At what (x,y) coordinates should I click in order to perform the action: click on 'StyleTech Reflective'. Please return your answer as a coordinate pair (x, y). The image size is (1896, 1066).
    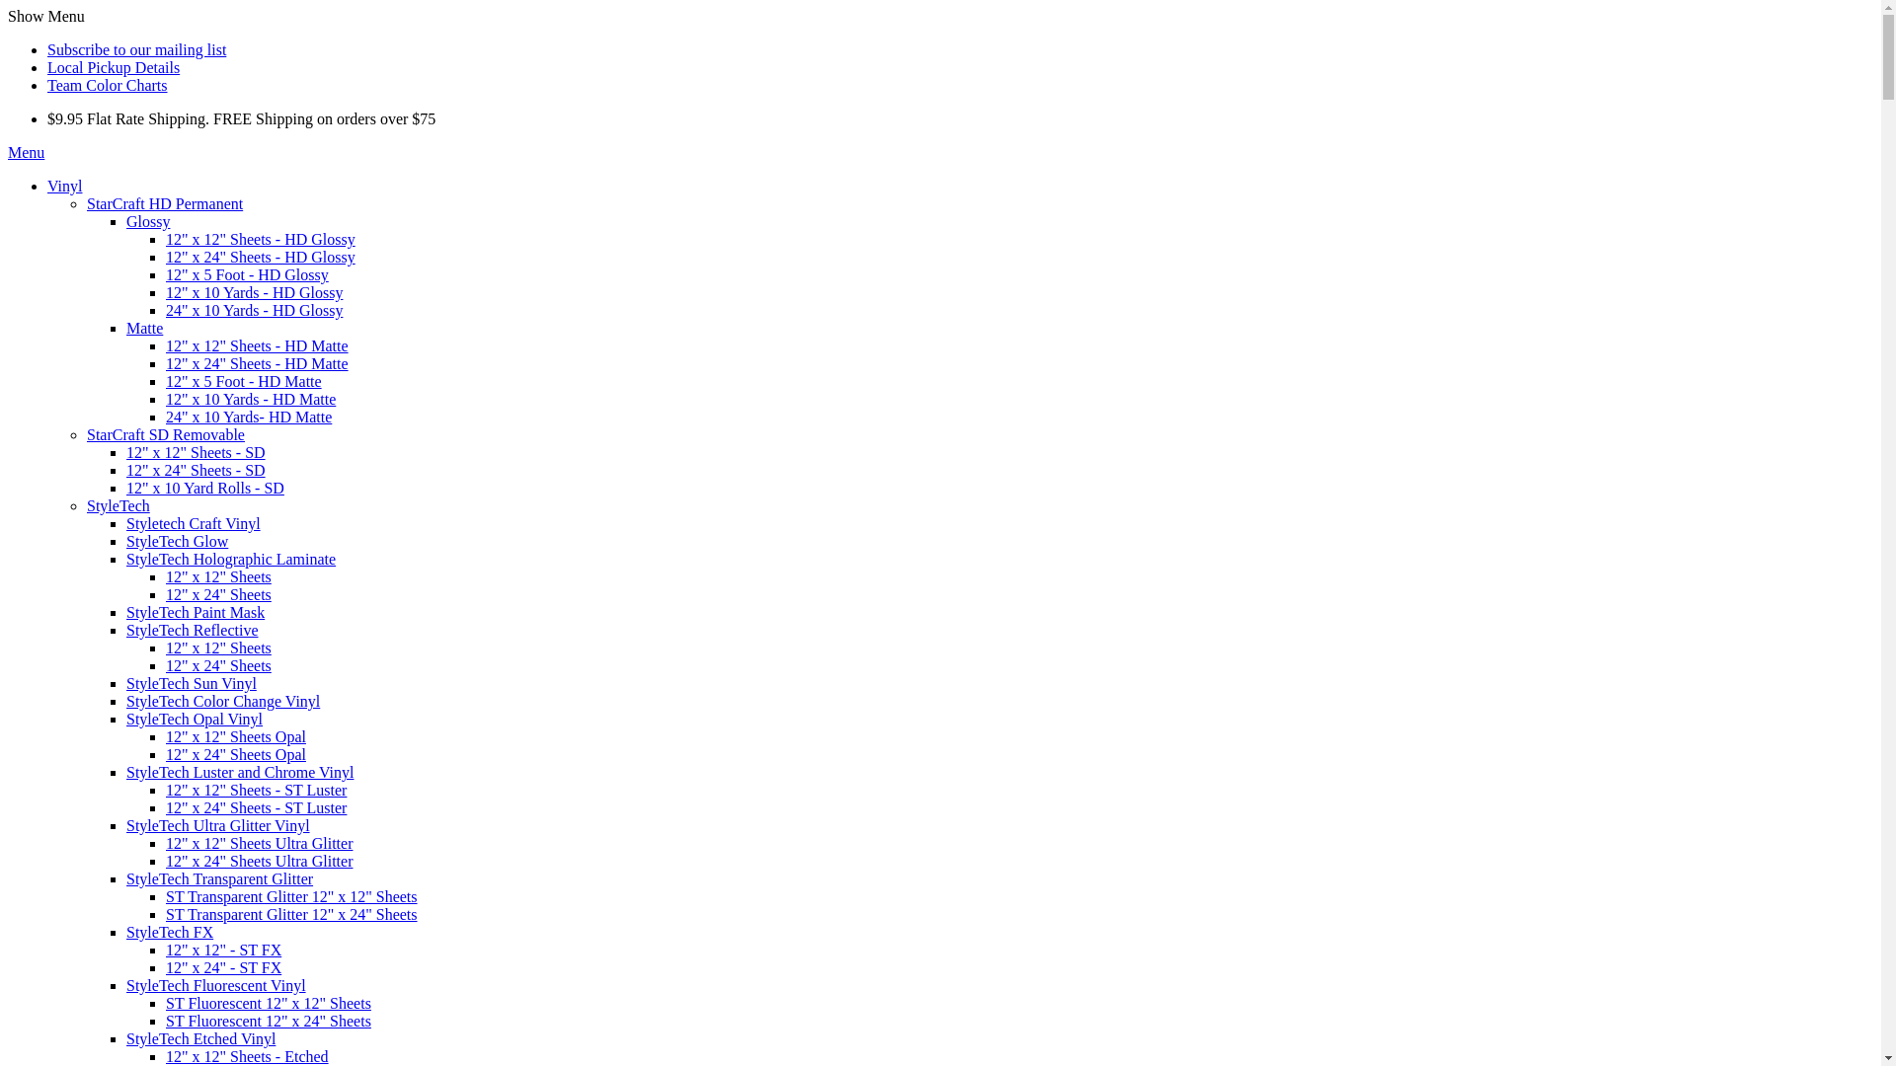
    Looking at the image, I should click on (193, 630).